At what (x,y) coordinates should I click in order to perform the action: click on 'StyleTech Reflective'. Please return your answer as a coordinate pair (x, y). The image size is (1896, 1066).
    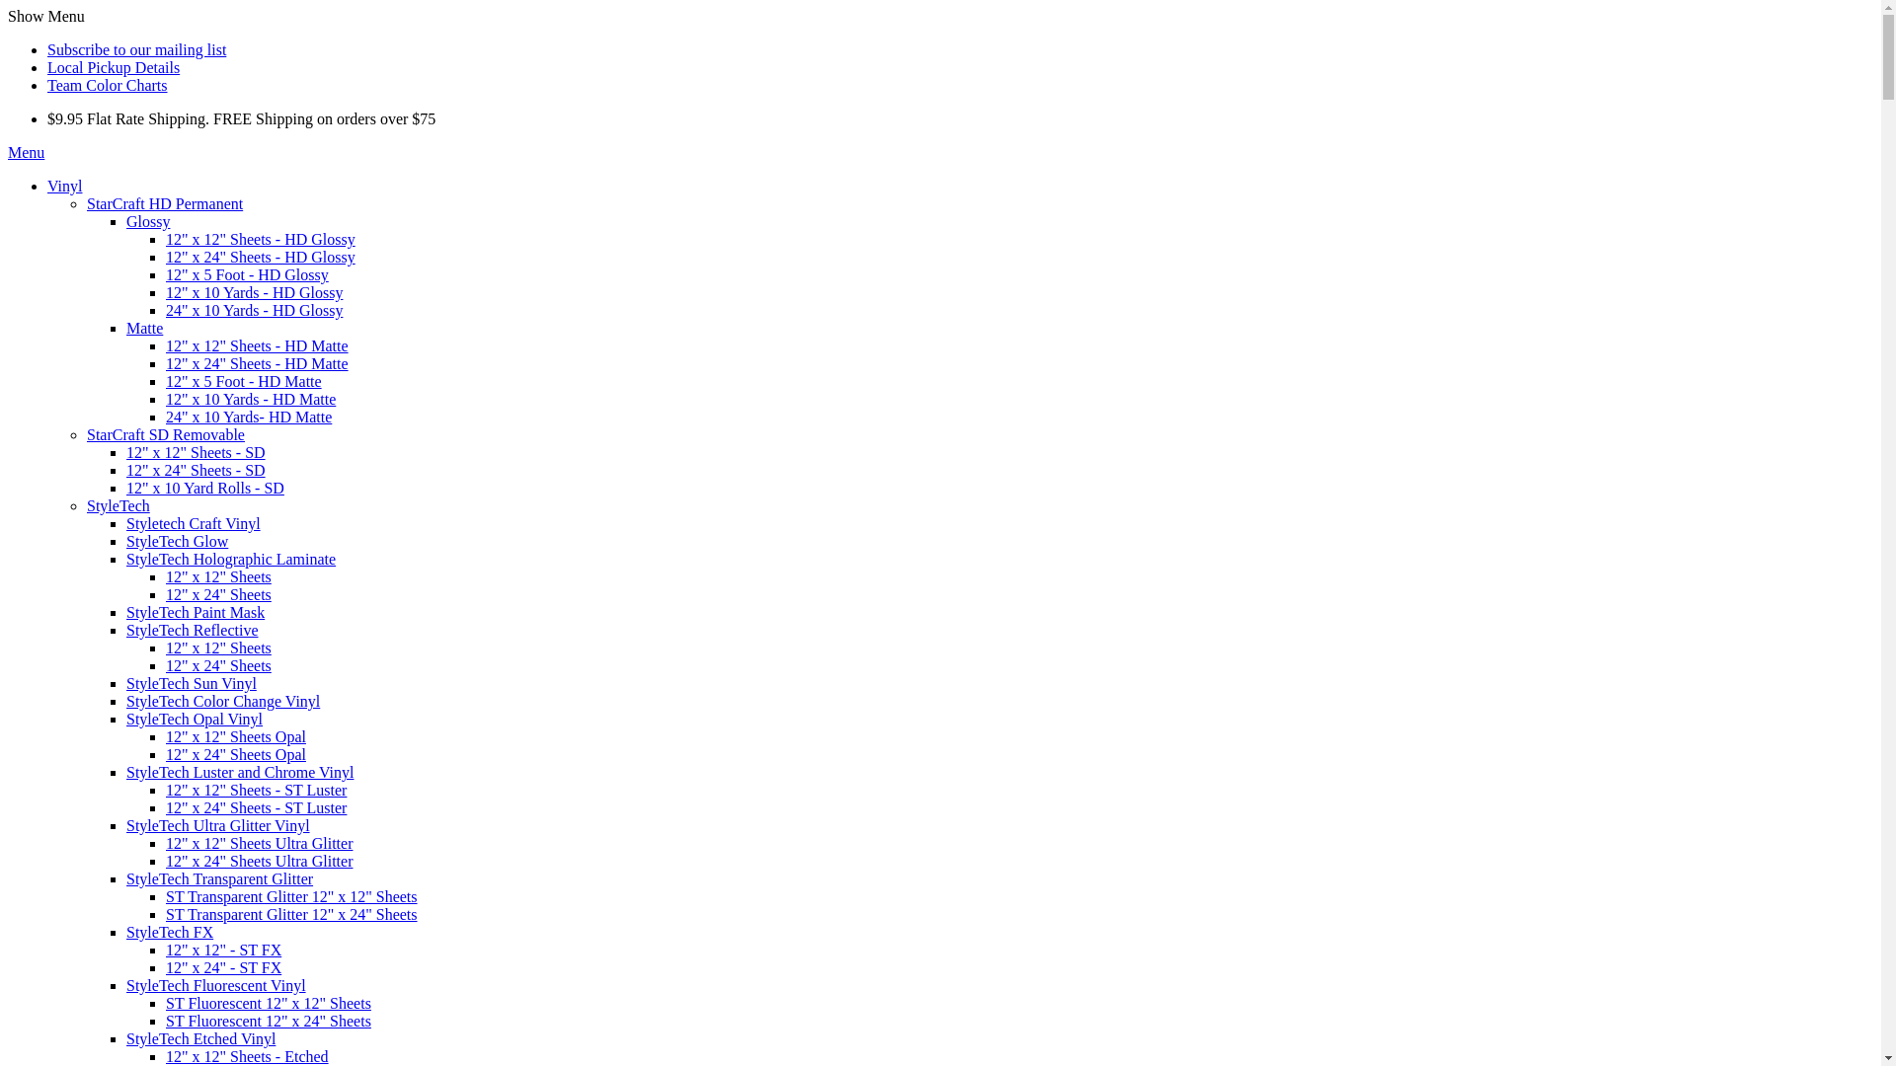
    Looking at the image, I should click on (193, 630).